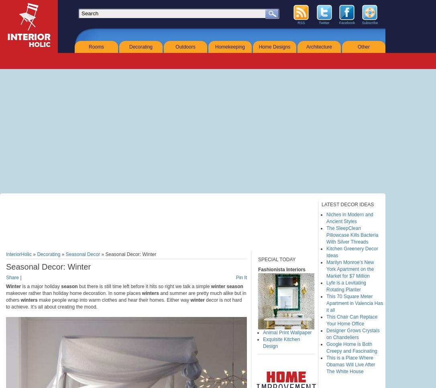 The height and width of the screenshot is (388, 436). What do you see at coordinates (6, 254) in the screenshot?
I see `'InteriorHolic'` at bounding box center [6, 254].